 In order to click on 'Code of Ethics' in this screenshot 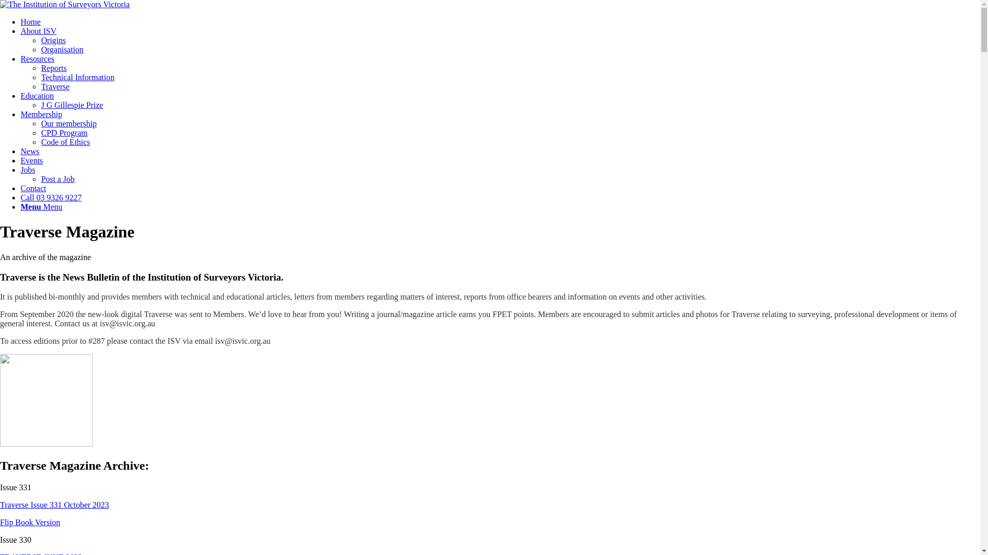, I will do `click(41, 142)`.